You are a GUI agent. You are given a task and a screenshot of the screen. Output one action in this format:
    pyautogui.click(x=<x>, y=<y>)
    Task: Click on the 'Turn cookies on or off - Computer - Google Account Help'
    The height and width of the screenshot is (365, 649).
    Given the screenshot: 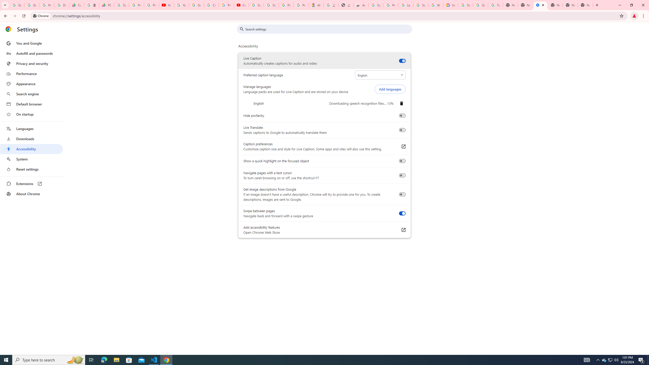 What is the action you would take?
    pyautogui.click(x=495, y=5)
    